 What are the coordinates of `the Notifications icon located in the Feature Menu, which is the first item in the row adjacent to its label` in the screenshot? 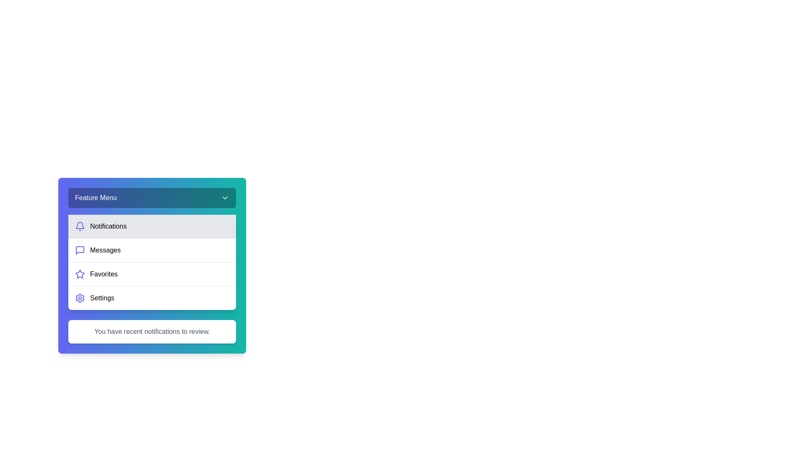 It's located at (80, 226).